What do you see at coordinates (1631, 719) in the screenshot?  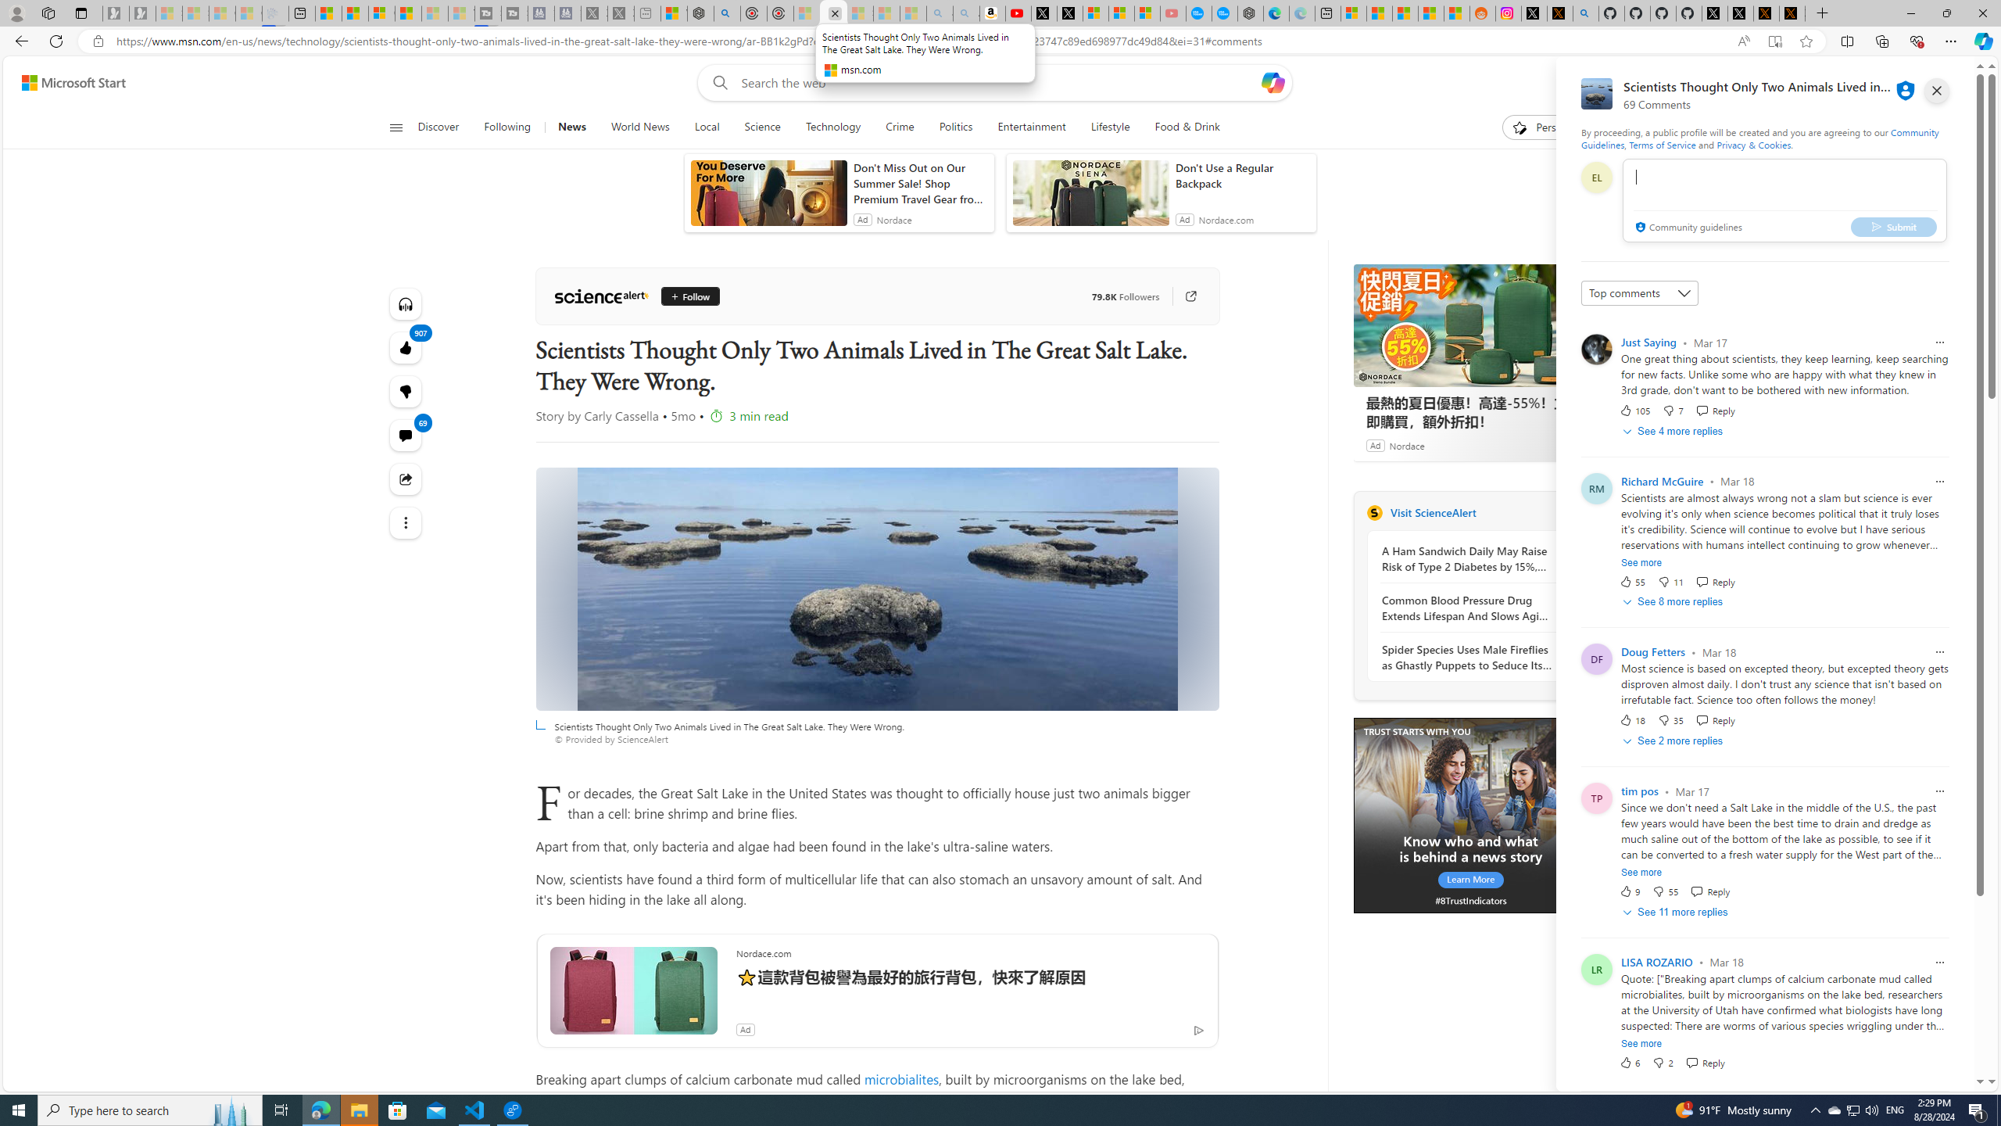 I see `'18 Like'` at bounding box center [1631, 719].